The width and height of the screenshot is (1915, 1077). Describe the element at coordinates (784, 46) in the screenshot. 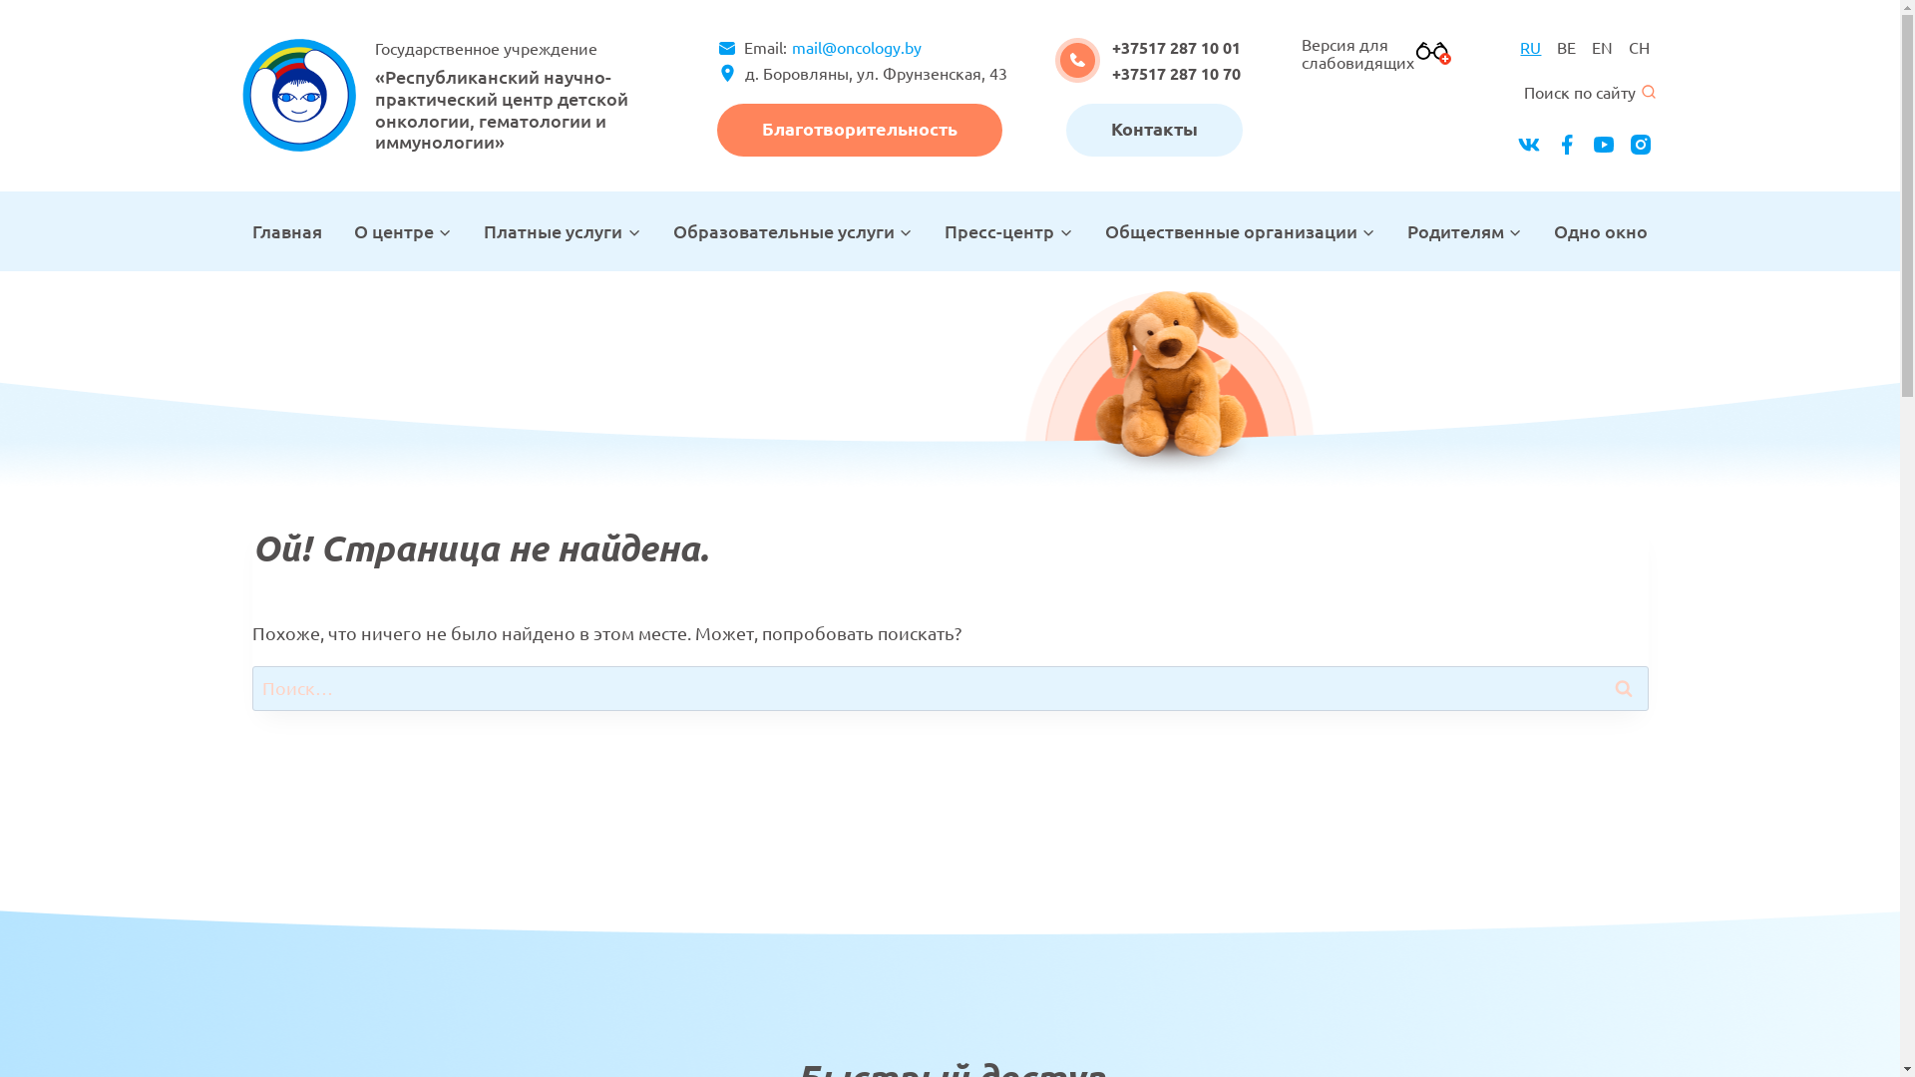

I see `'mail@oncology.by'` at that location.